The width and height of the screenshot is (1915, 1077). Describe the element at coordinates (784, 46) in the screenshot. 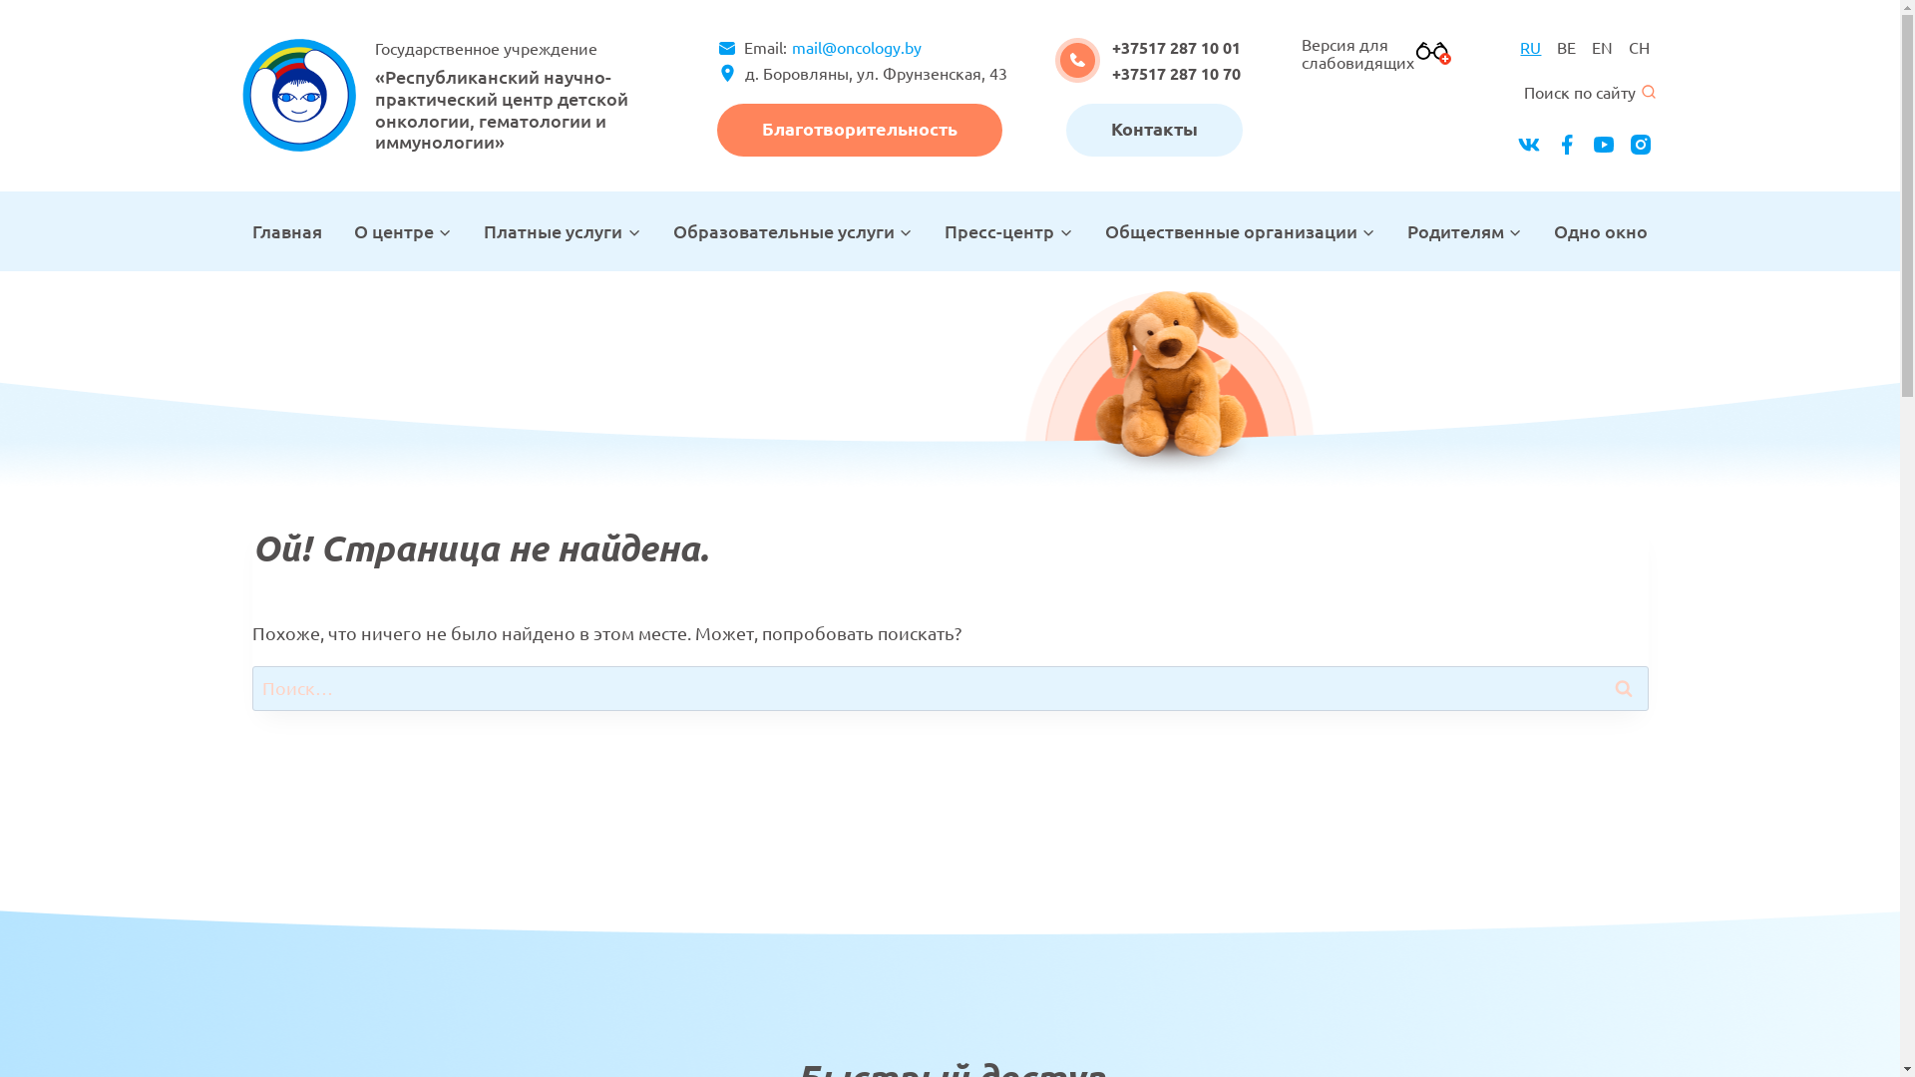

I see `'mail@oncology.by'` at that location.